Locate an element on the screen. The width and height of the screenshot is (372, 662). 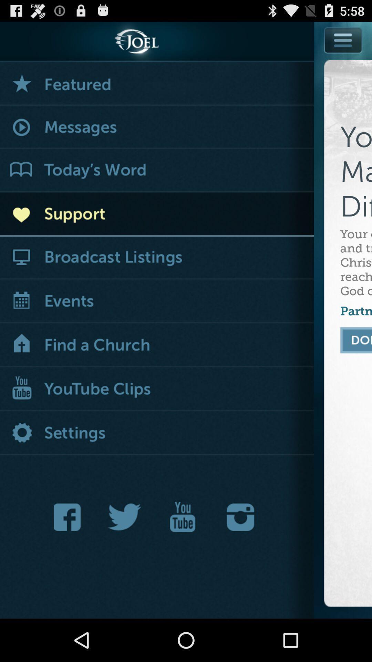
show app options is located at coordinates (343, 40).